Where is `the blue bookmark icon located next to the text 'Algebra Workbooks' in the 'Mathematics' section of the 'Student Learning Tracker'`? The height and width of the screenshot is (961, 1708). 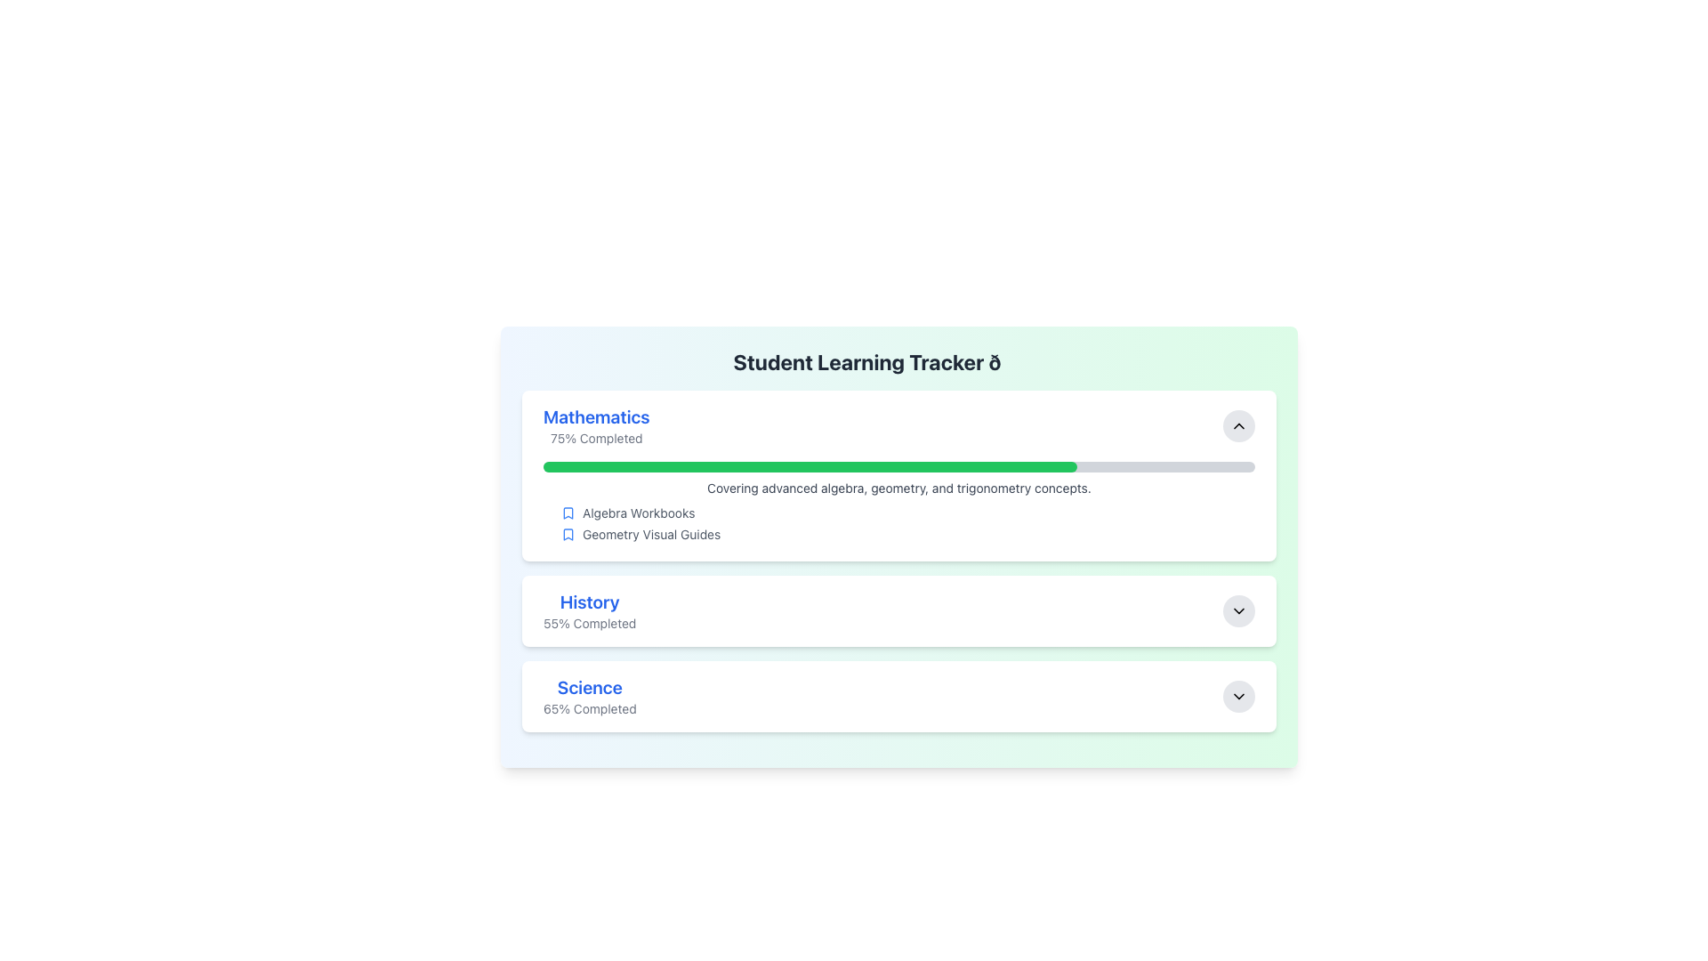 the blue bookmark icon located next to the text 'Algebra Workbooks' in the 'Mathematics' section of the 'Student Learning Tracker' is located at coordinates (567, 513).